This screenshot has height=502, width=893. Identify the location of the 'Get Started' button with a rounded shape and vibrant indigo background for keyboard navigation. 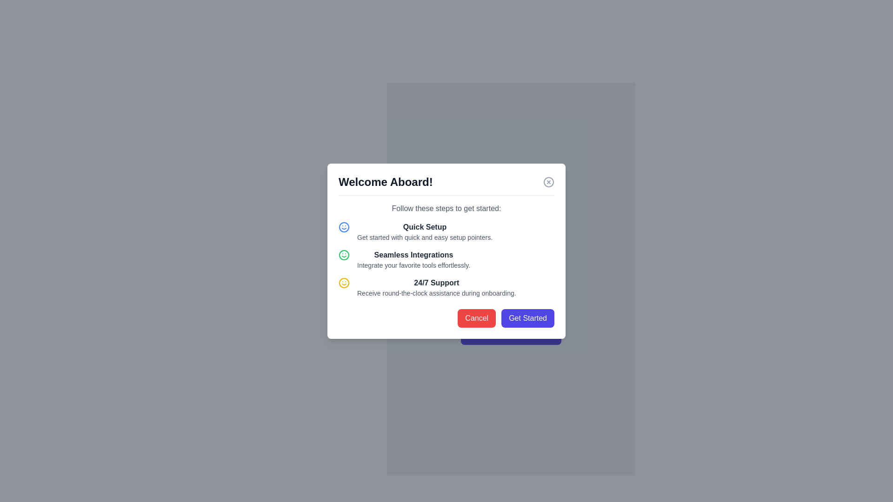
(528, 317).